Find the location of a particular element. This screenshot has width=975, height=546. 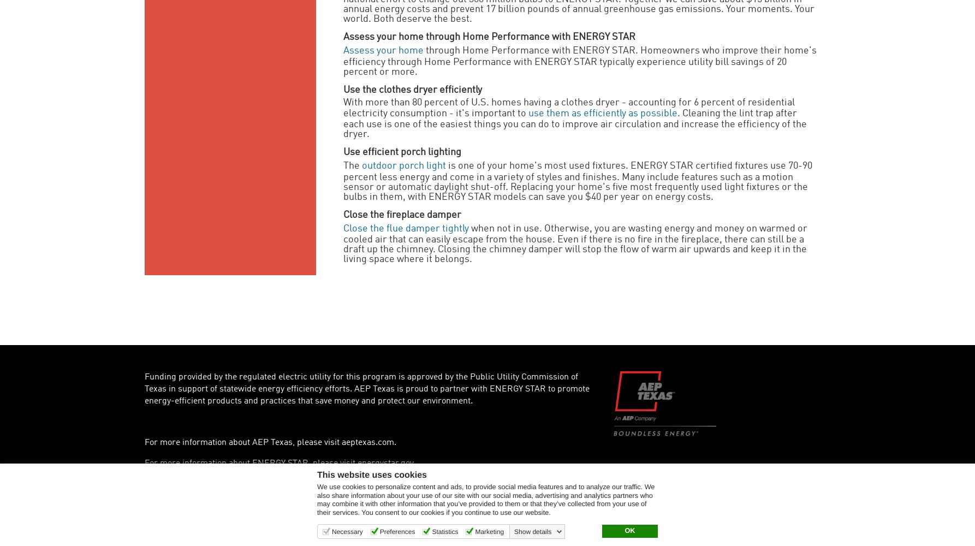

'through Home Performance with ENERGY STAR. Homeowners who improve their home's efficiency through Home Performance with ENERGY STAR typically experience utility bill savings of 20 percent or more.' is located at coordinates (343, 61).